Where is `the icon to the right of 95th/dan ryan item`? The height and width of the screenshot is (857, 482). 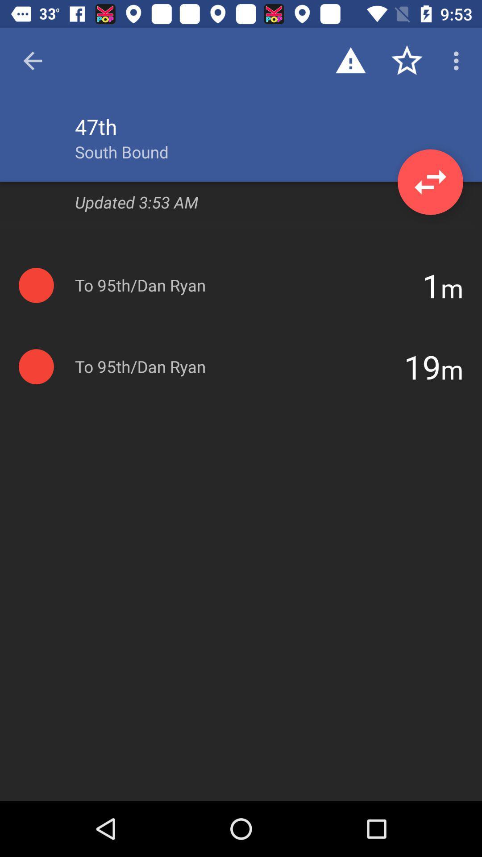 the icon to the right of 95th/dan ryan item is located at coordinates (431, 285).